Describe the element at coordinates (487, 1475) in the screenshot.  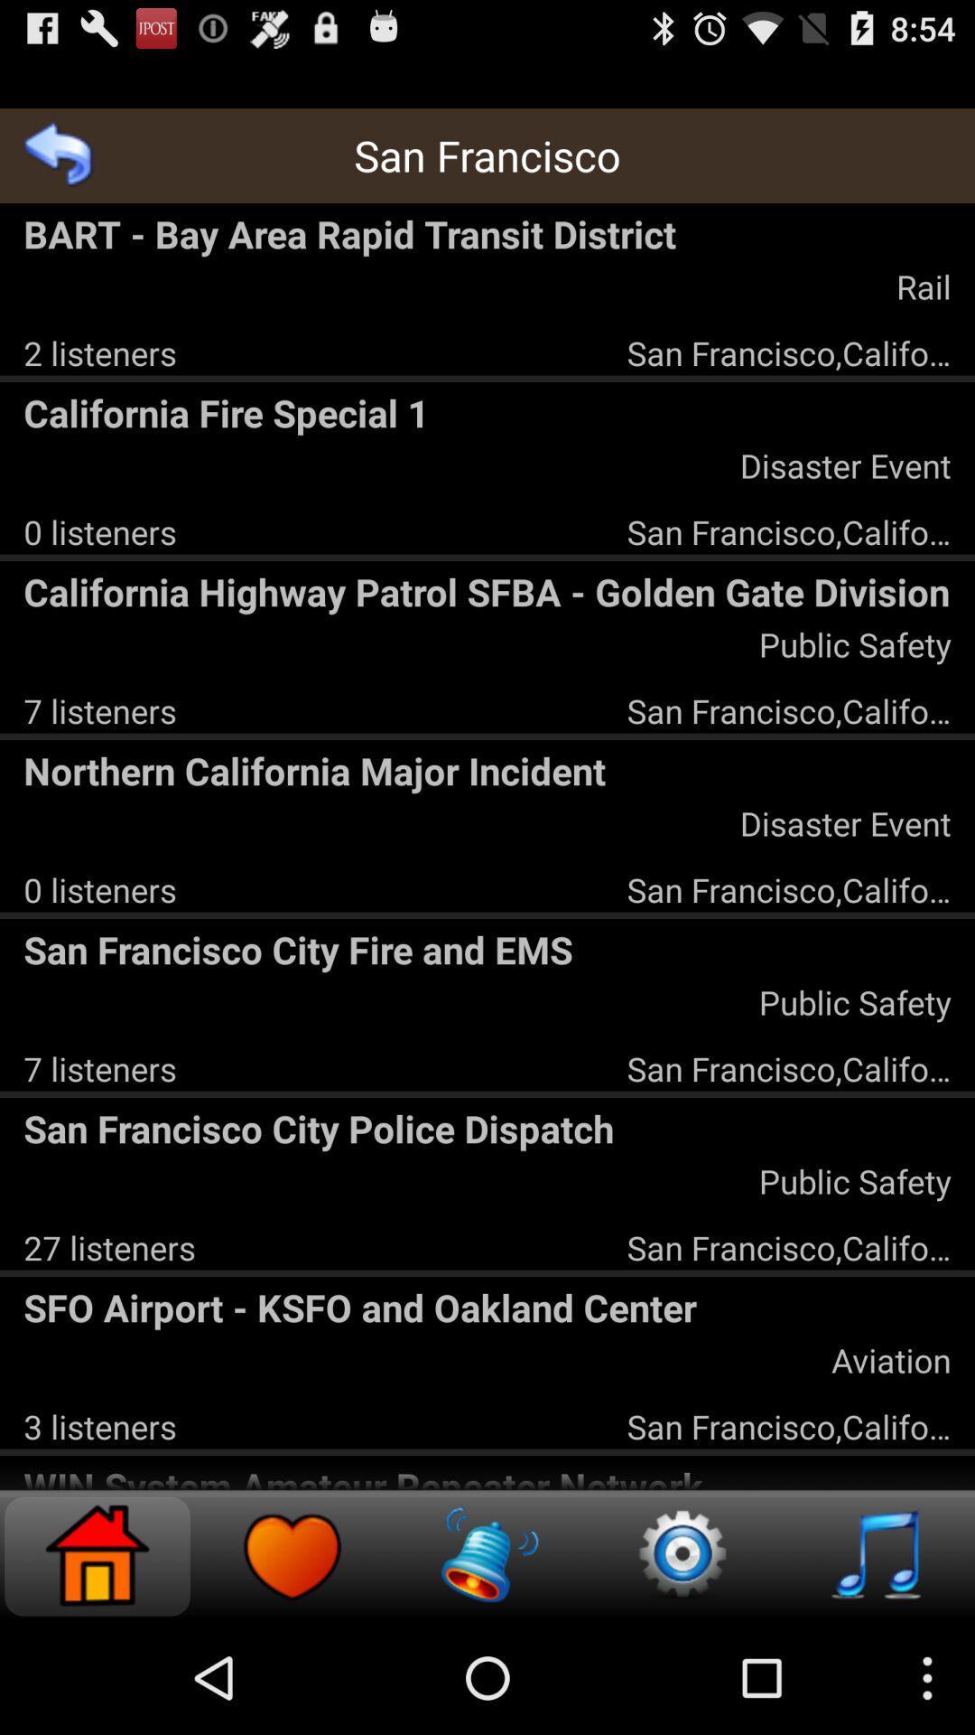
I see `the icon below the 3 listeners icon` at that location.